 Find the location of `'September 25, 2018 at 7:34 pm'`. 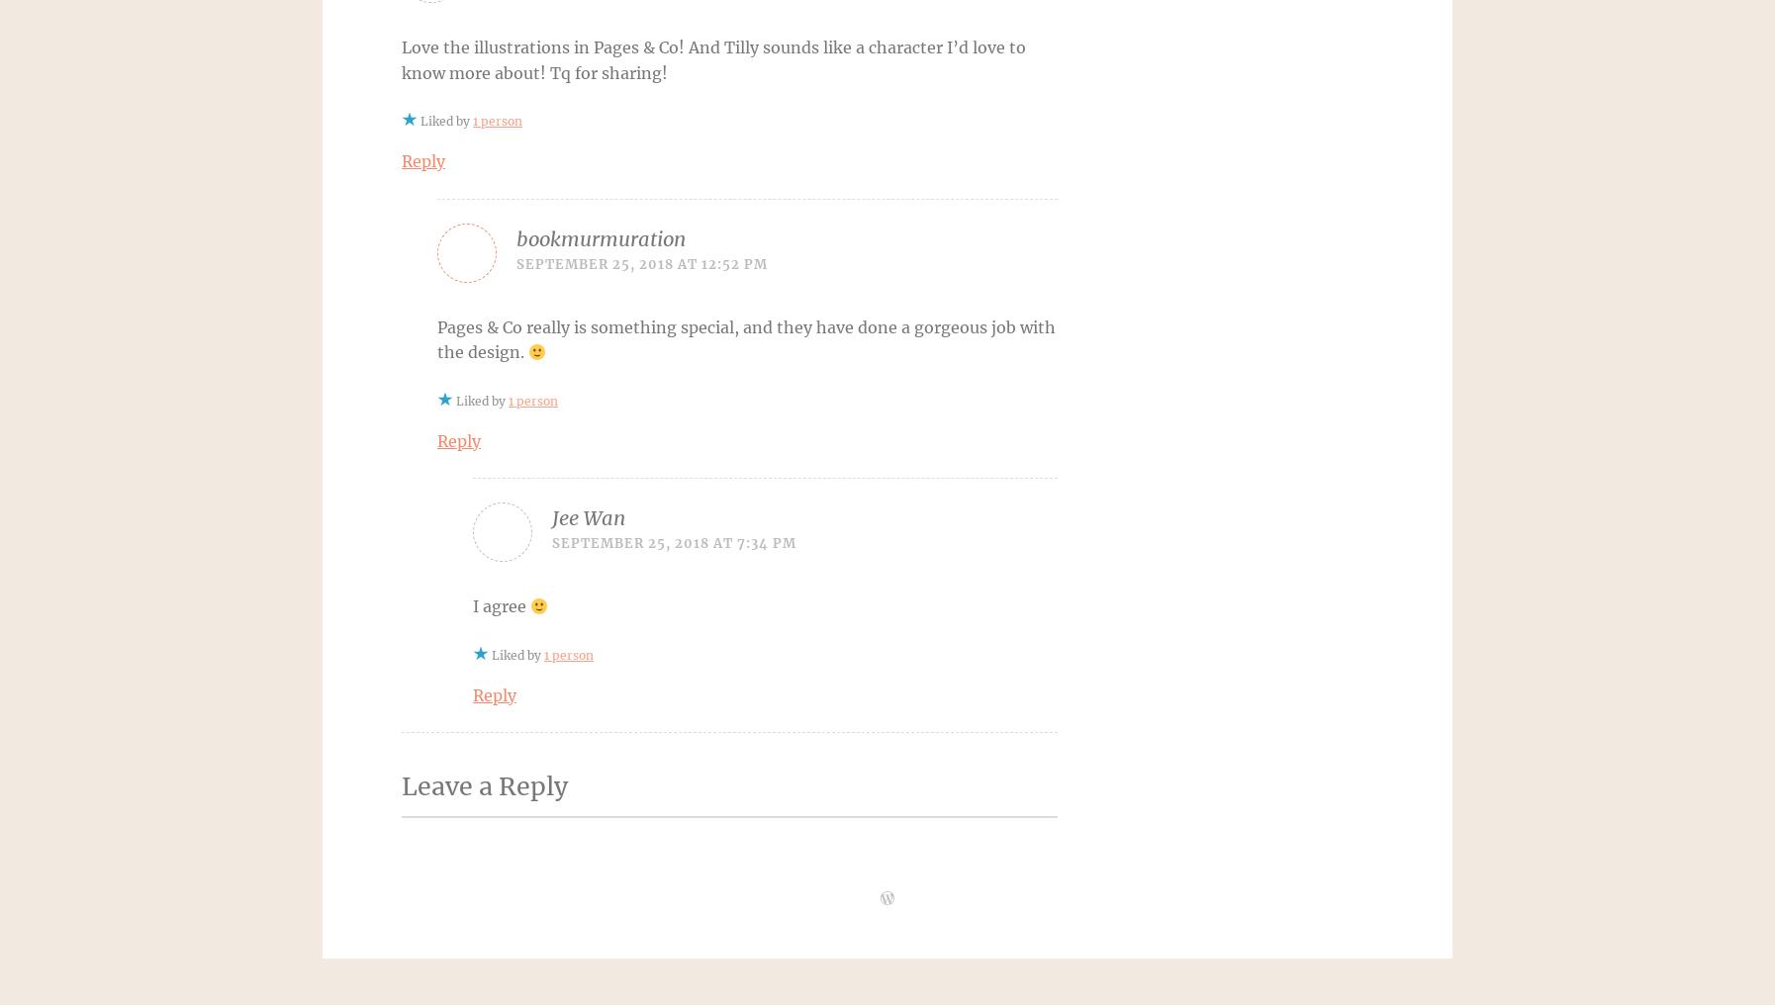

'September 25, 2018 at 7:34 pm' is located at coordinates (674, 542).